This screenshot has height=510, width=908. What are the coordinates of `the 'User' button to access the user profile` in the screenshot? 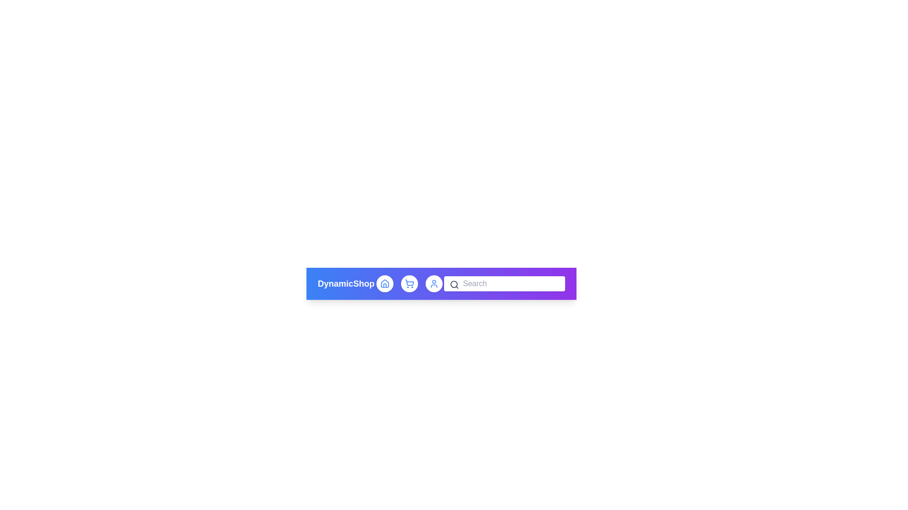 It's located at (433, 283).